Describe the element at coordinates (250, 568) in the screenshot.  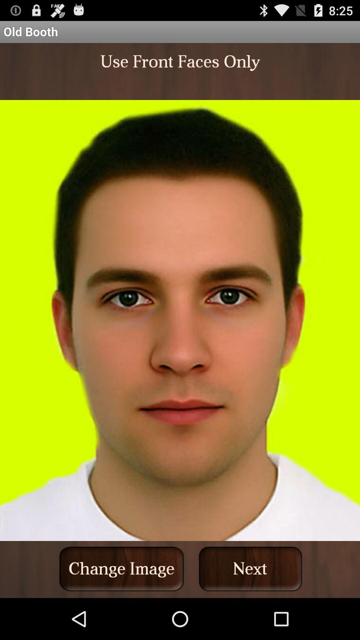
I see `the next` at that location.